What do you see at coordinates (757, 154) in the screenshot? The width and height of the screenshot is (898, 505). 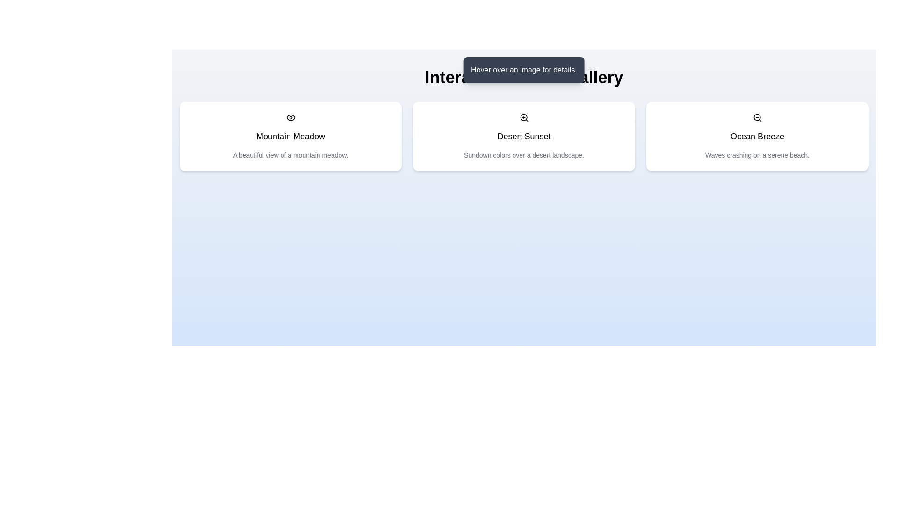 I see `the text label providing a descriptive caption for the card content titled 'Ocean Breeze', located at the bottom of the content area within the rectangular card` at bounding box center [757, 154].